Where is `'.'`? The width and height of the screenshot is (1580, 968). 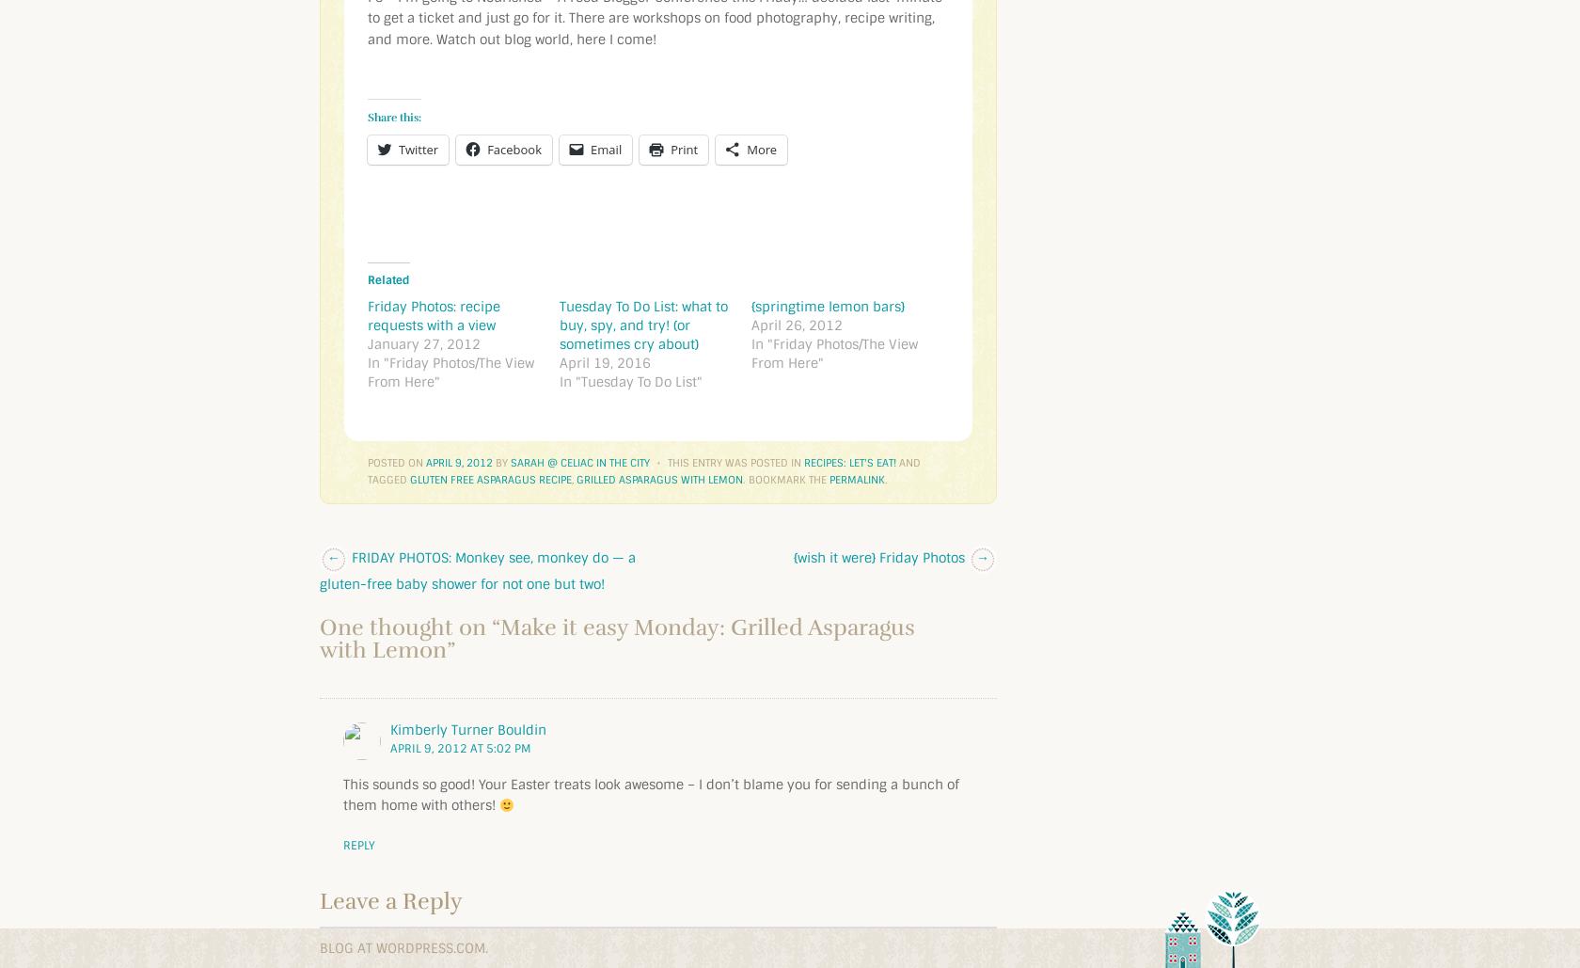
'.' is located at coordinates (886, 479).